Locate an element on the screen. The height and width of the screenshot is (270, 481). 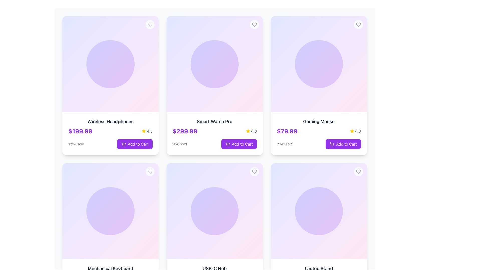
product details from the Wireless Headphones Product Card positioned in the top row of the grid layout, specifically in the leftmost position is located at coordinates (110, 133).